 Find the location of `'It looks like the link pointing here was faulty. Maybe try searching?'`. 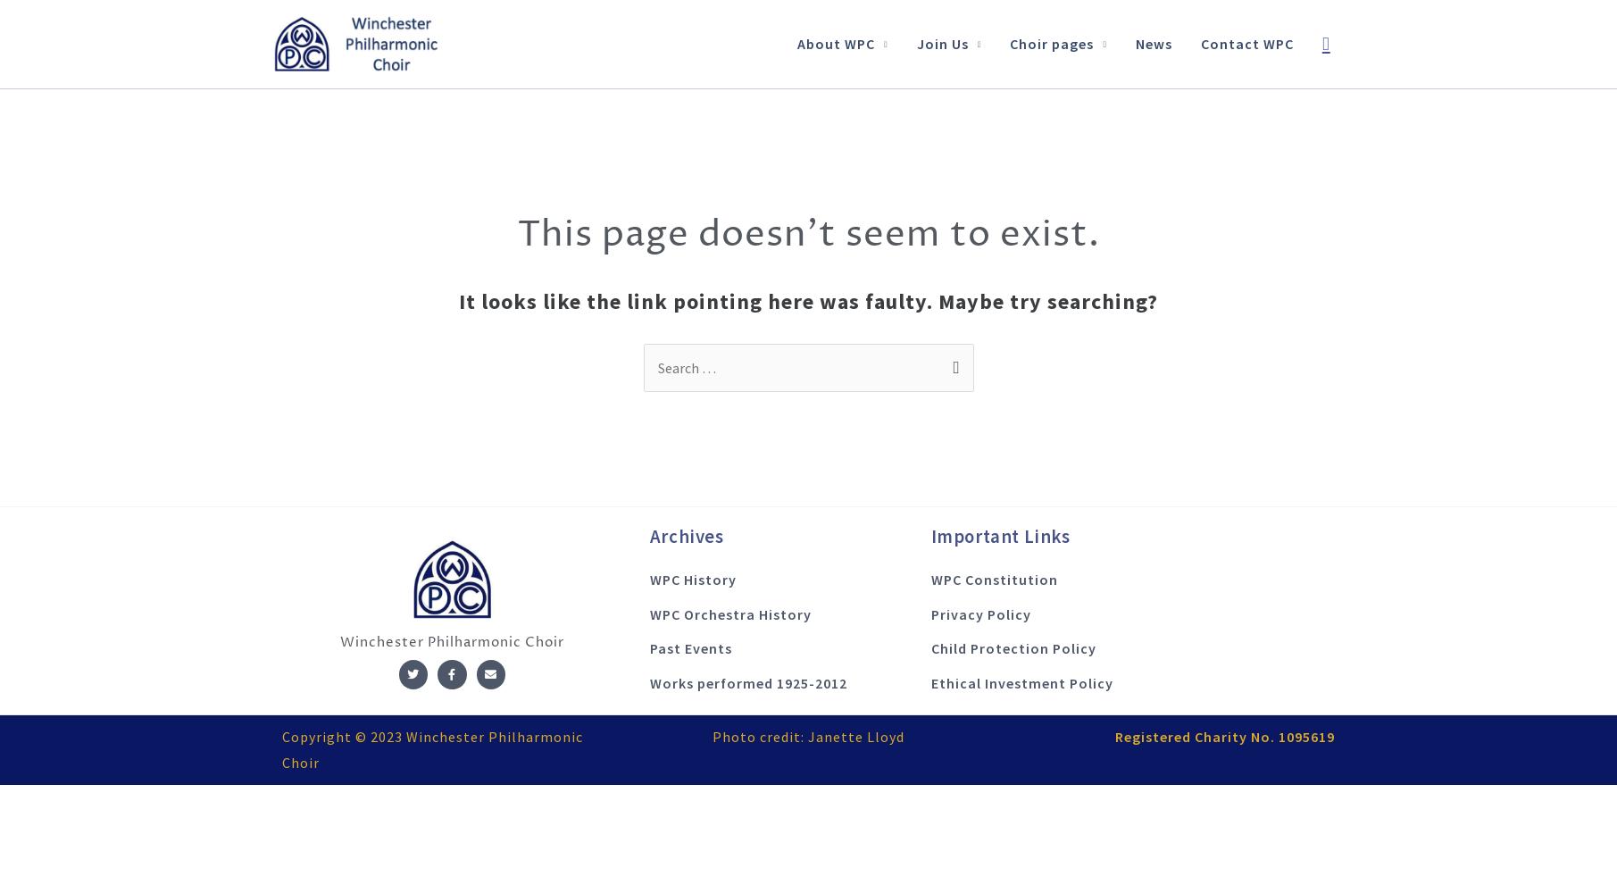

'It looks like the link pointing here was faulty. Maybe try searching?' is located at coordinates (808, 299).